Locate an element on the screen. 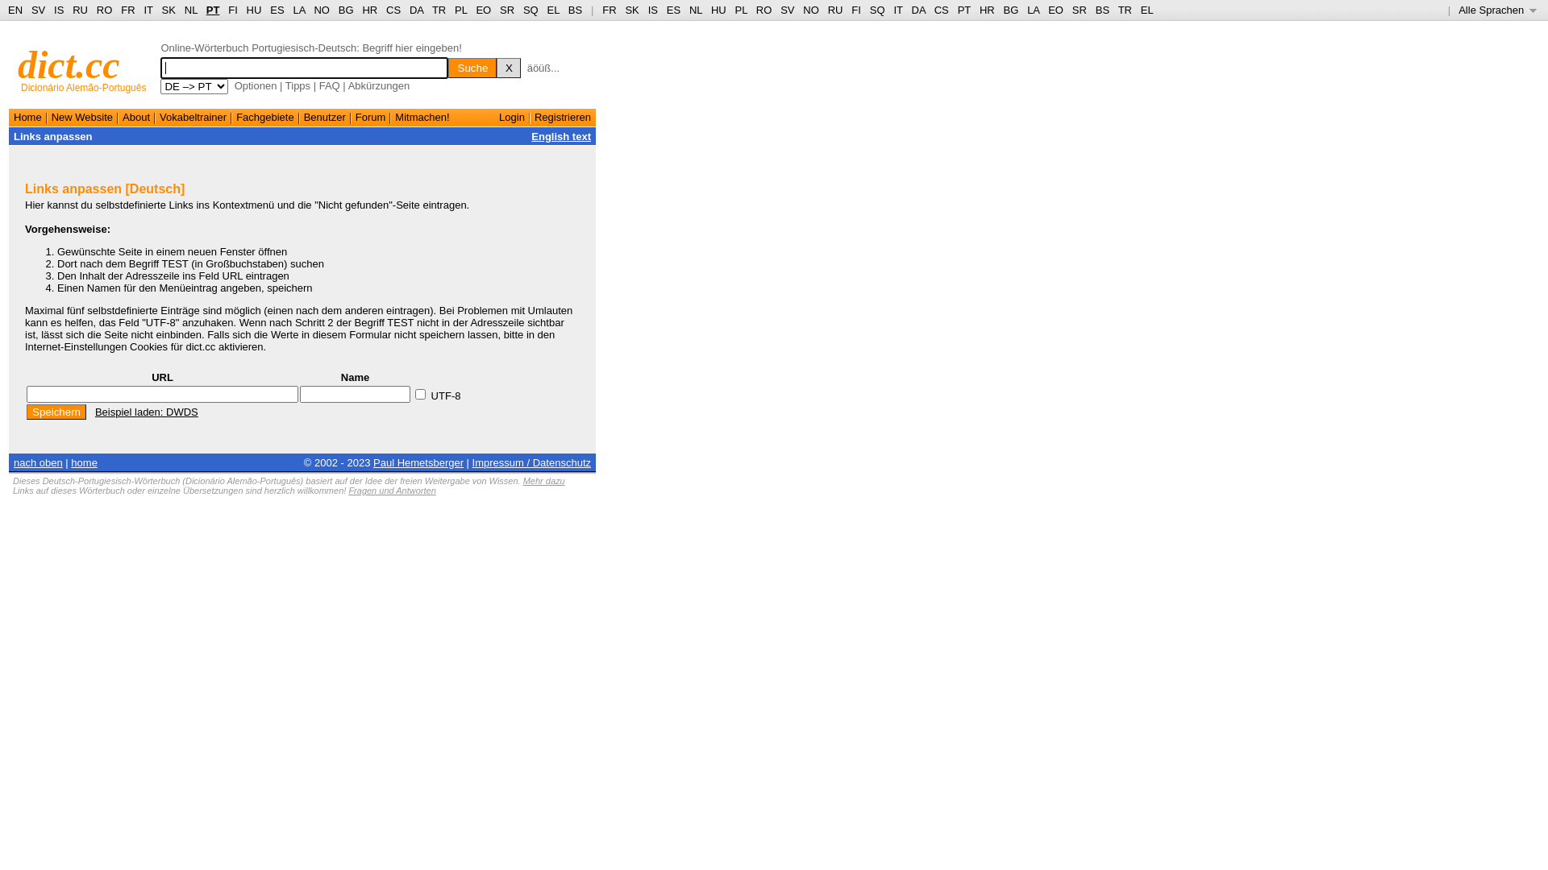  'X' is located at coordinates (495, 67).